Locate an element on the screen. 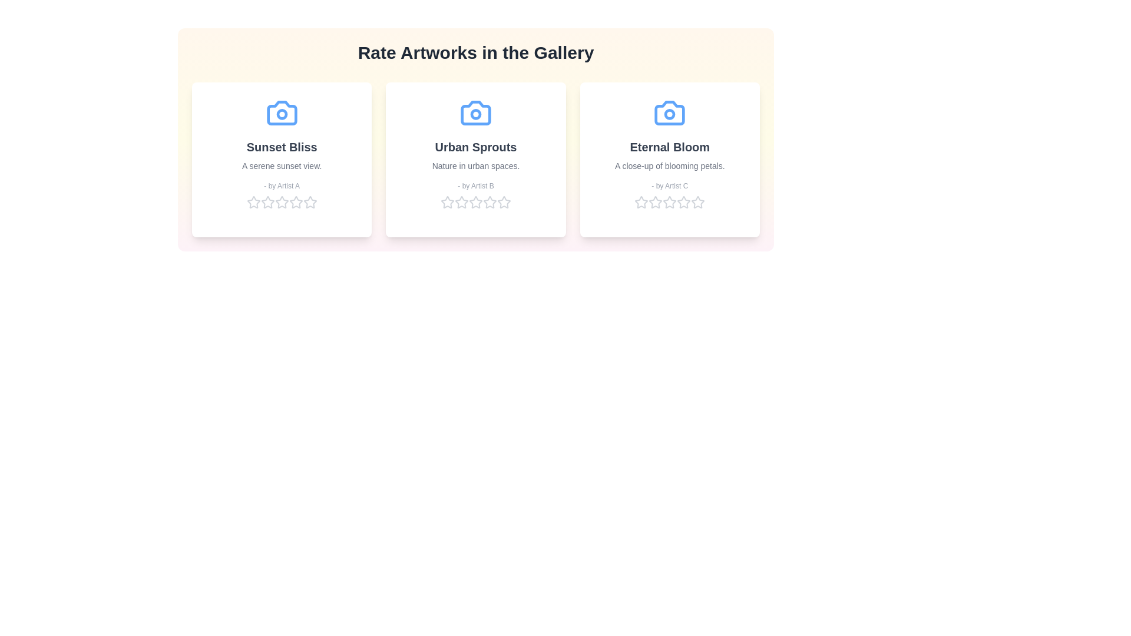 The height and width of the screenshot is (636, 1131). the star corresponding to 2 for the artwork 'Urban Sprouts' to set its rating is located at coordinates (461, 201).